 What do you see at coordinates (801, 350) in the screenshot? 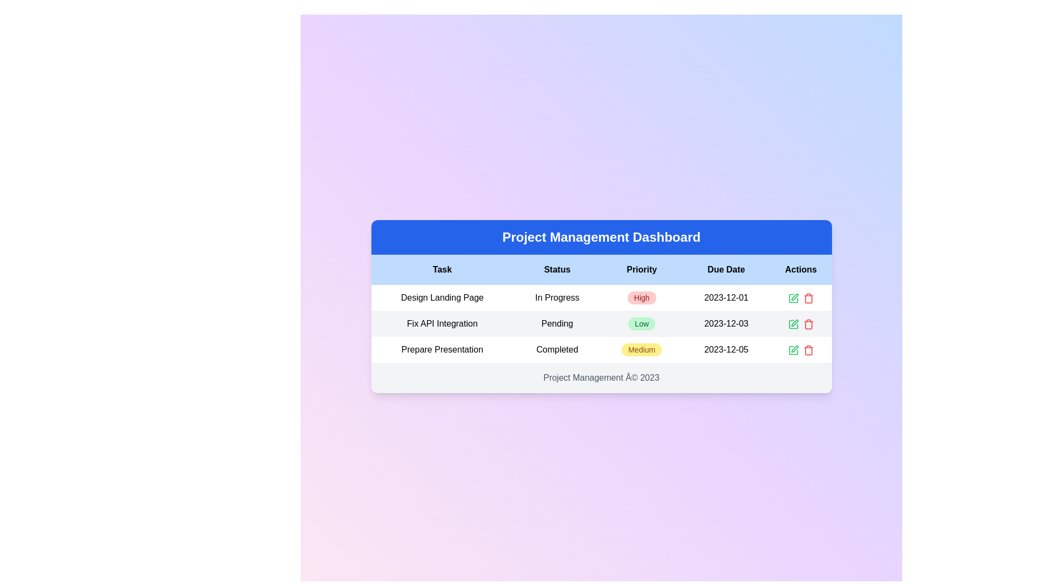
I see `the interactive icons in the 'Actions' column for the task 'Prepare Presentation'` at bounding box center [801, 350].